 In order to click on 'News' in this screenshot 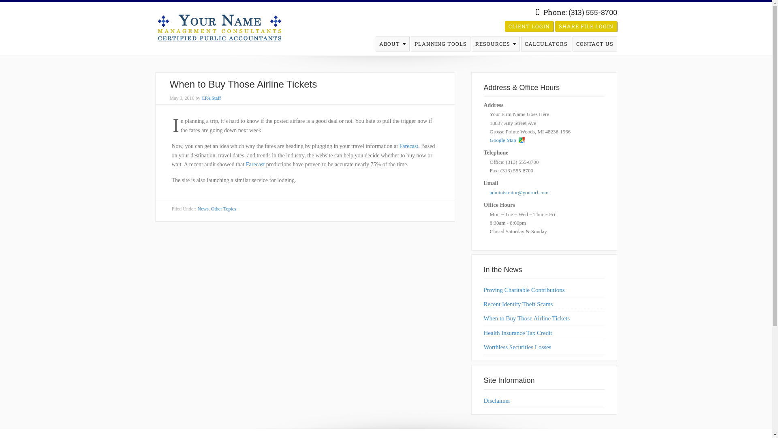, I will do `click(203, 208)`.